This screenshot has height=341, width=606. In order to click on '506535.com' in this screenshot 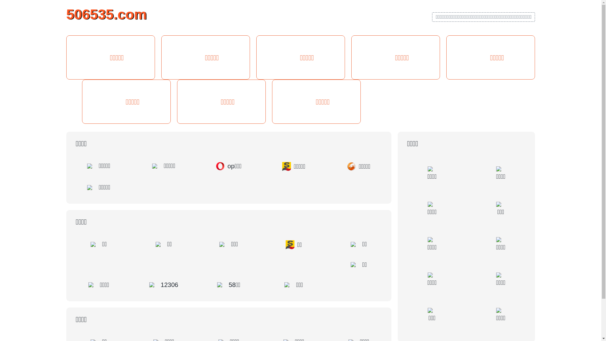, I will do `click(66, 14)`.